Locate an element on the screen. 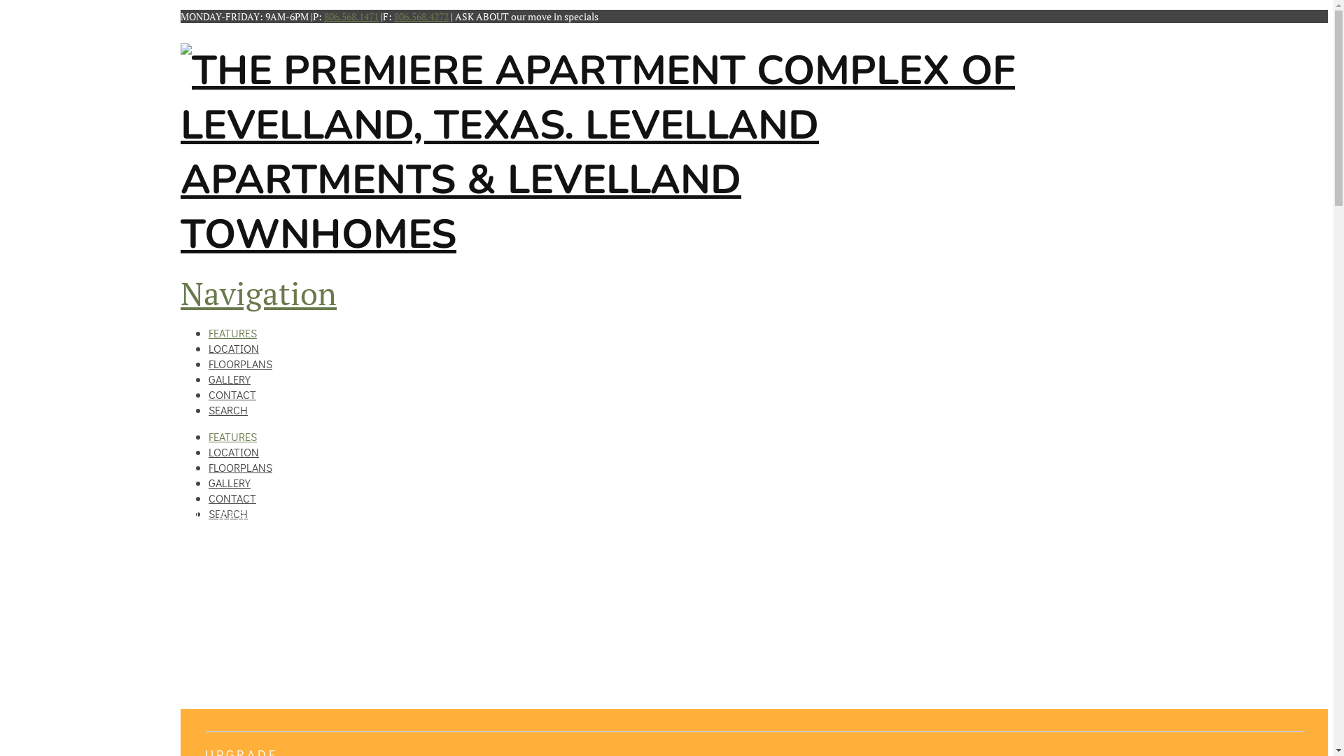 The height and width of the screenshot is (756, 1344). 'FLOORPLANS' is located at coordinates (240, 467).